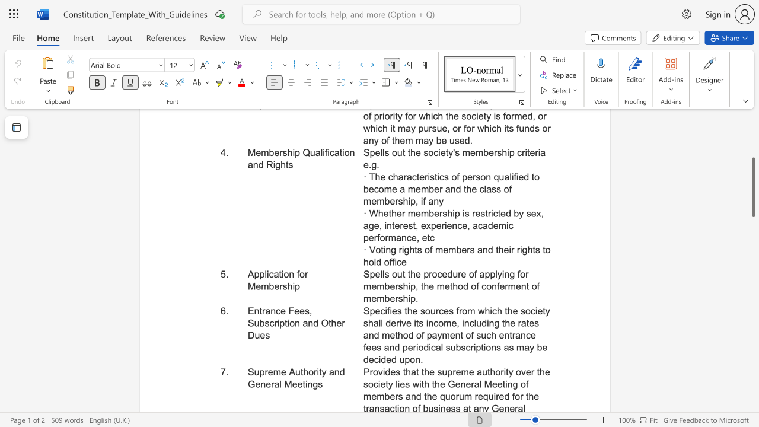 The height and width of the screenshot is (427, 759). I want to click on the scrollbar and move up 120 pixels, so click(752, 187).